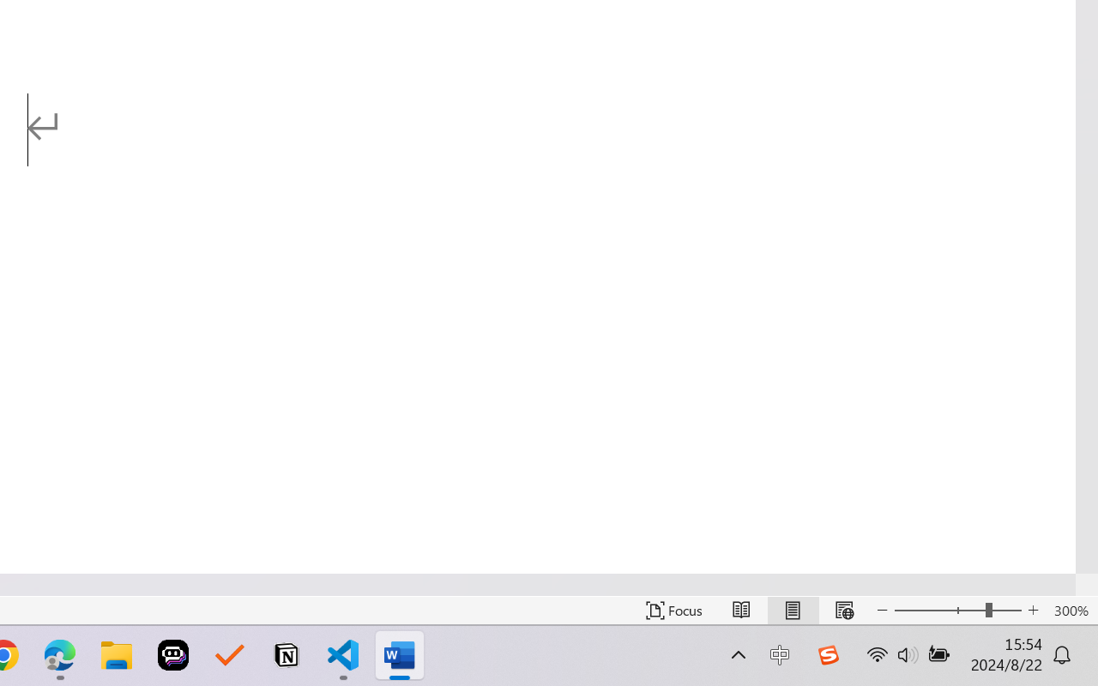 The width and height of the screenshot is (1098, 686). What do you see at coordinates (673, 610) in the screenshot?
I see `'Focus '` at bounding box center [673, 610].